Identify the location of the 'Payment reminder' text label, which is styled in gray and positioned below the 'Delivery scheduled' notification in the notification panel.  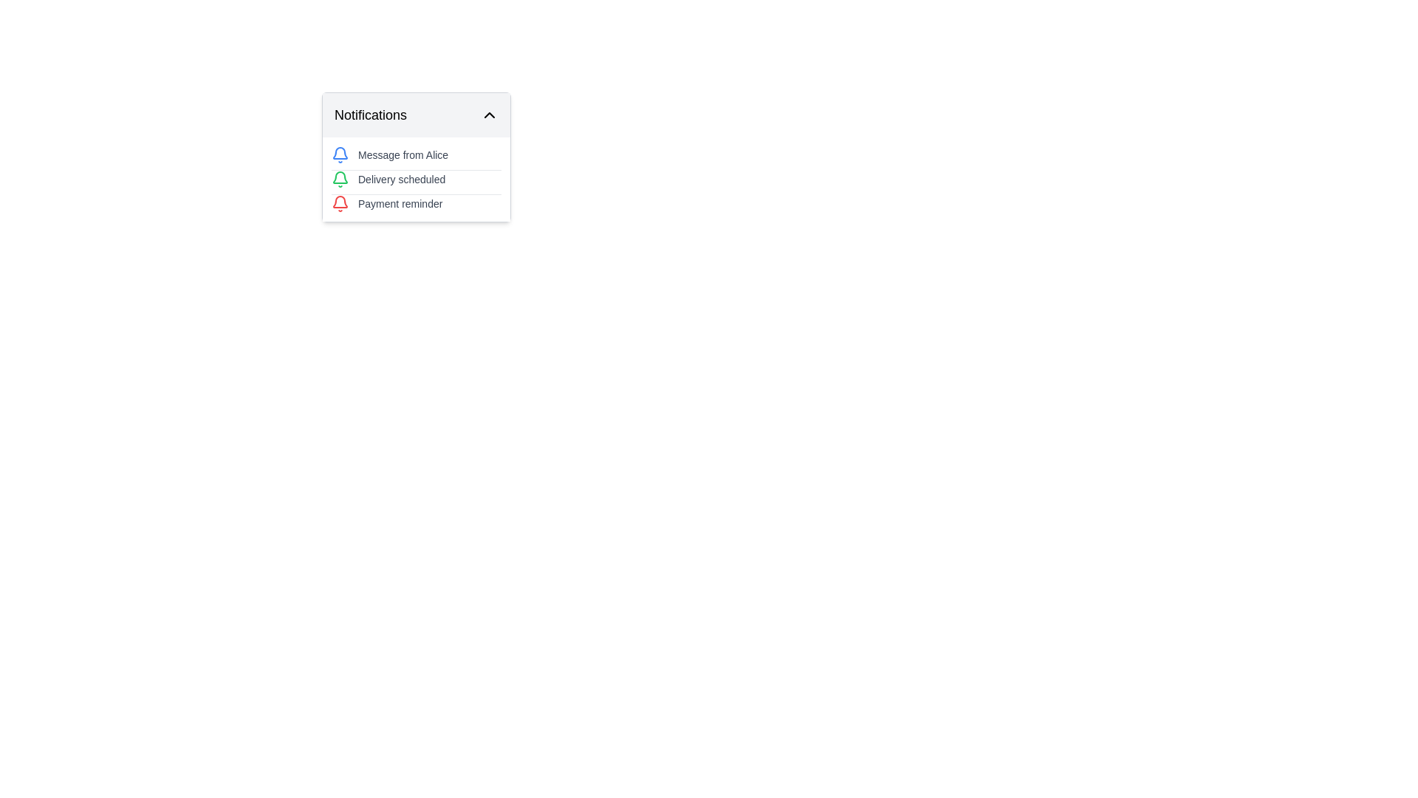
(400, 204).